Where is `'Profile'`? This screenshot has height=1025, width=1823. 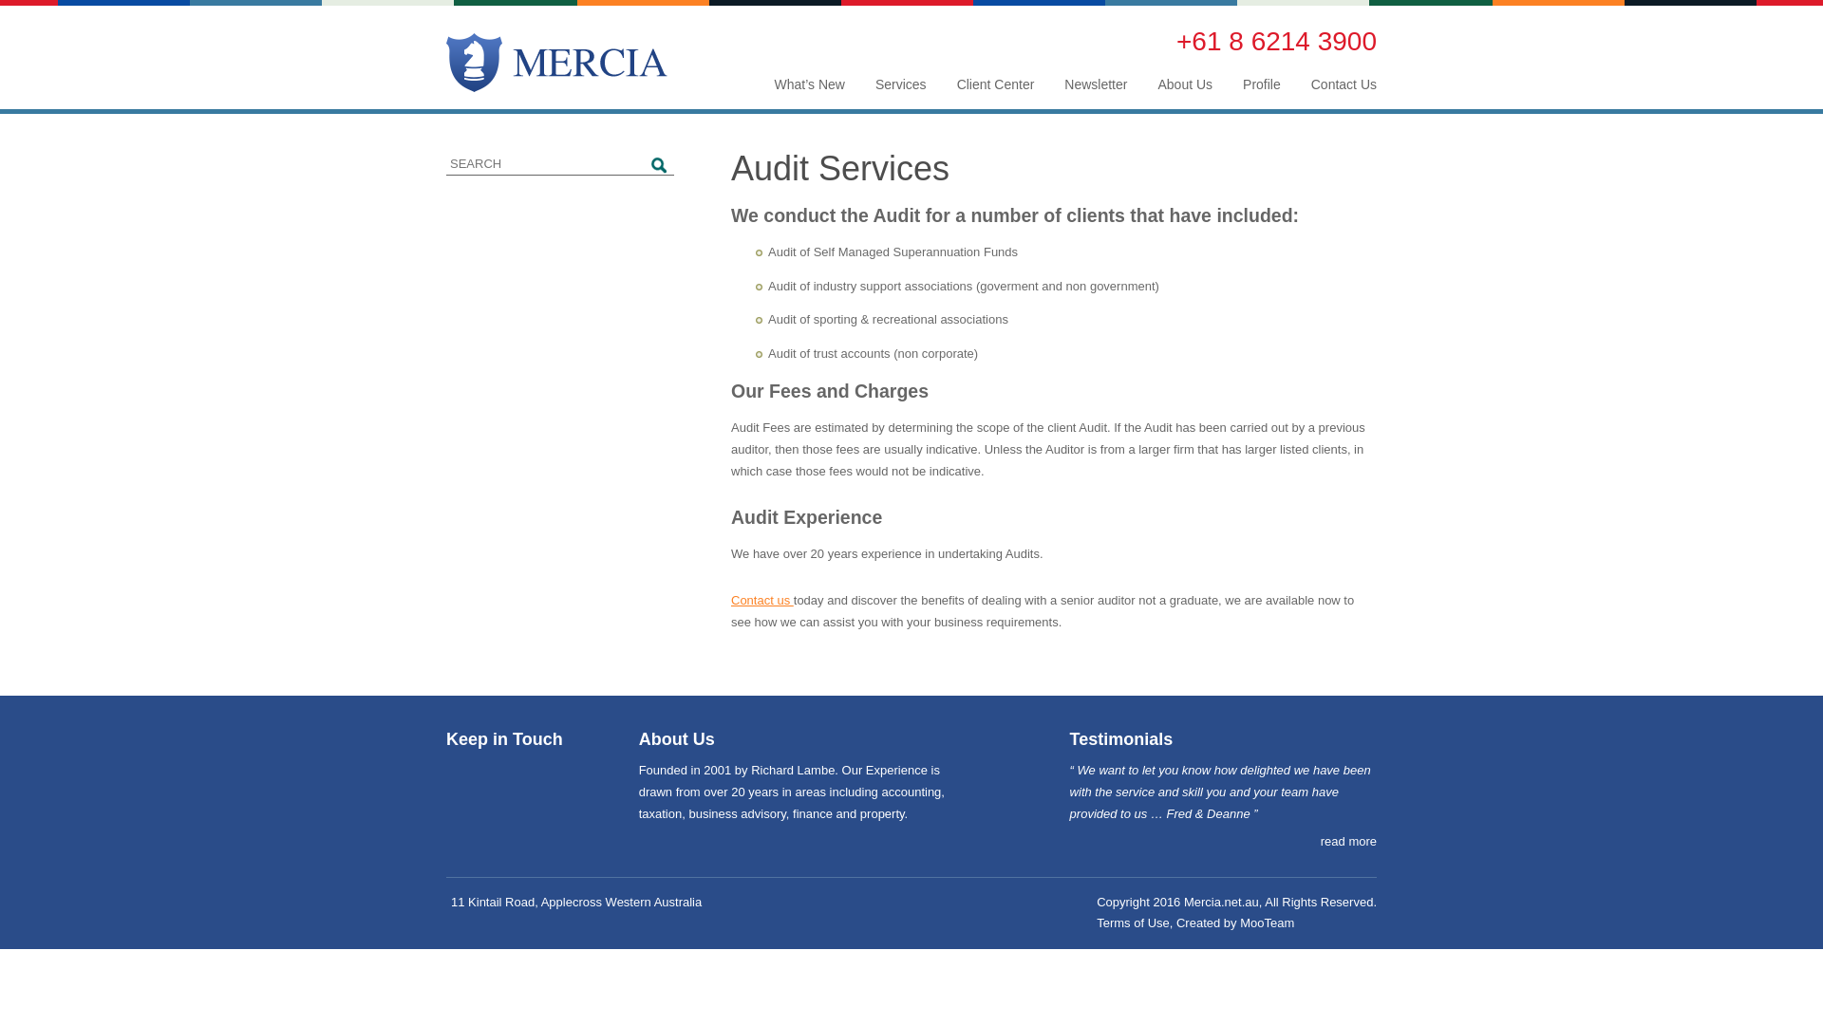
'Profile' is located at coordinates (1262, 83).